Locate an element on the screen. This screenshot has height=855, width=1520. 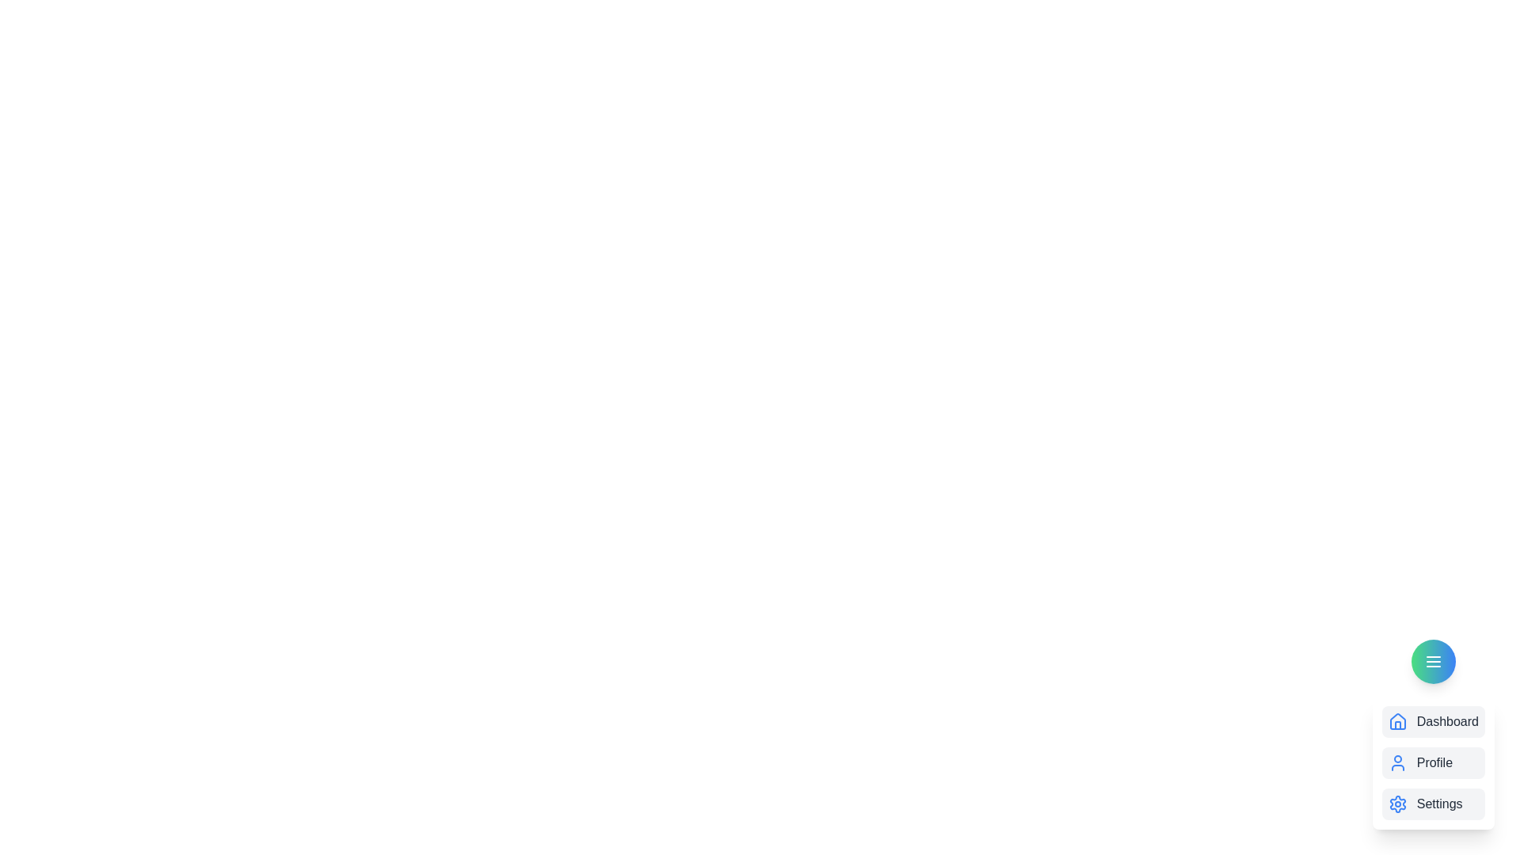
the settings_item to observe the hover effect is located at coordinates (1433, 804).